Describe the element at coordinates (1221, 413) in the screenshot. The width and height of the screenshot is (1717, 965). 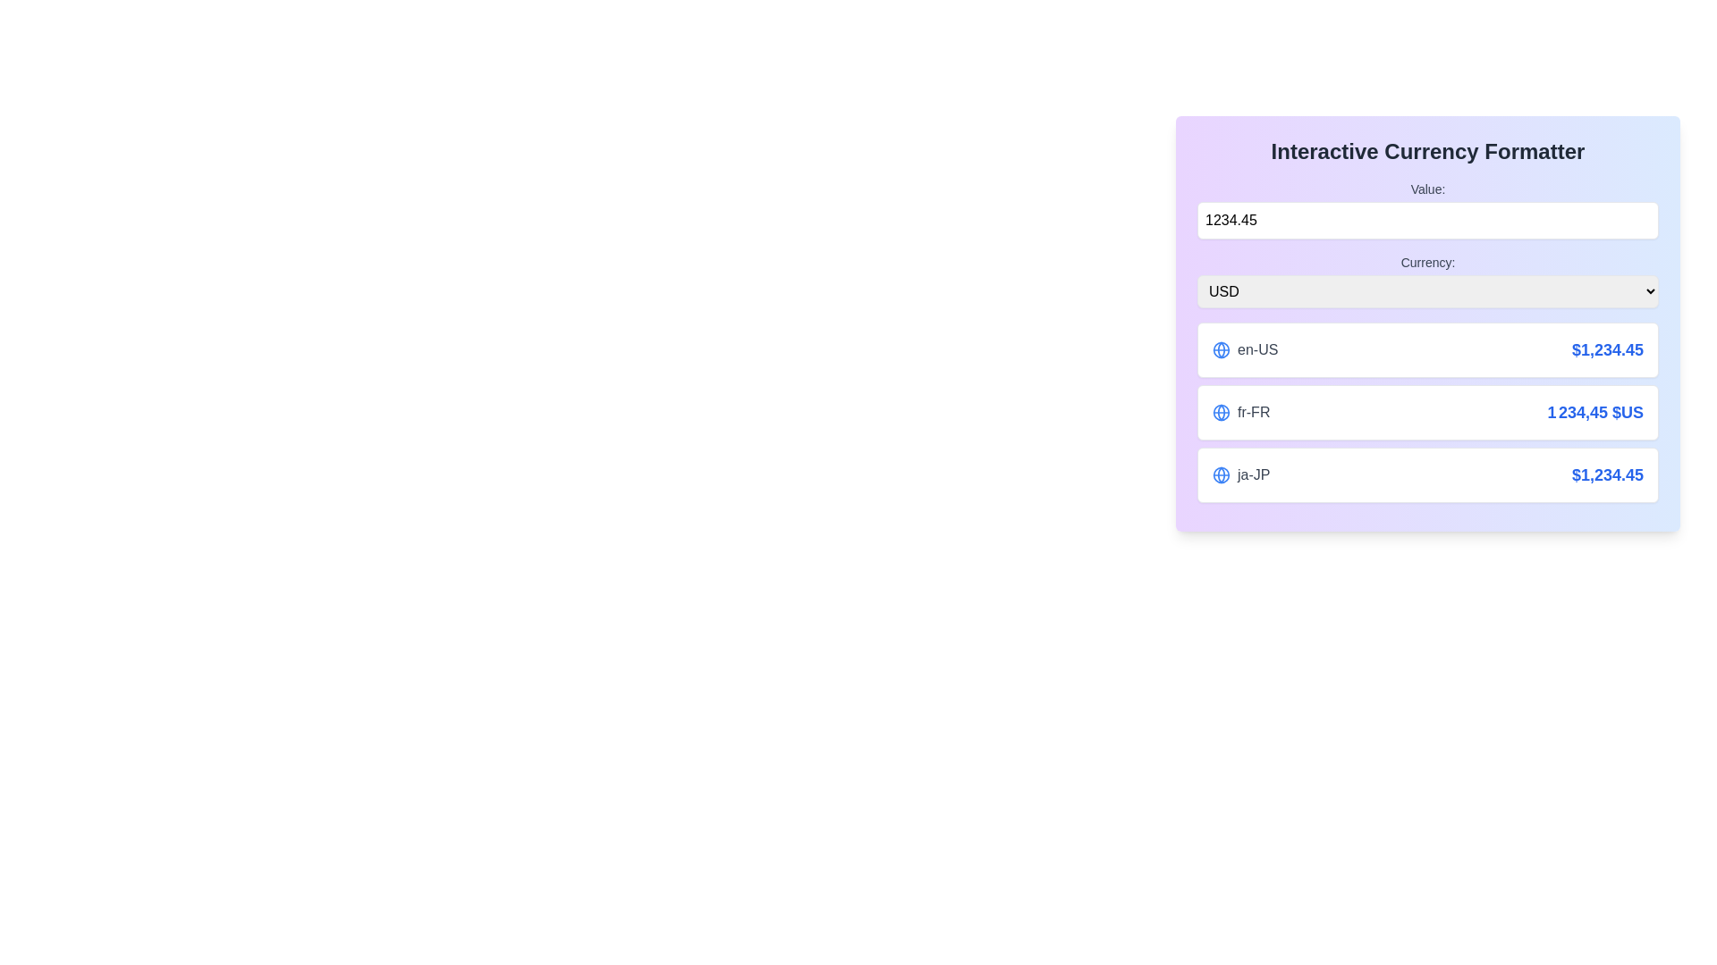
I see `the globe icon representing the currency's region for the 'fr-FR' locale, located on the second row to the left of the 'fr-FR' text` at that location.